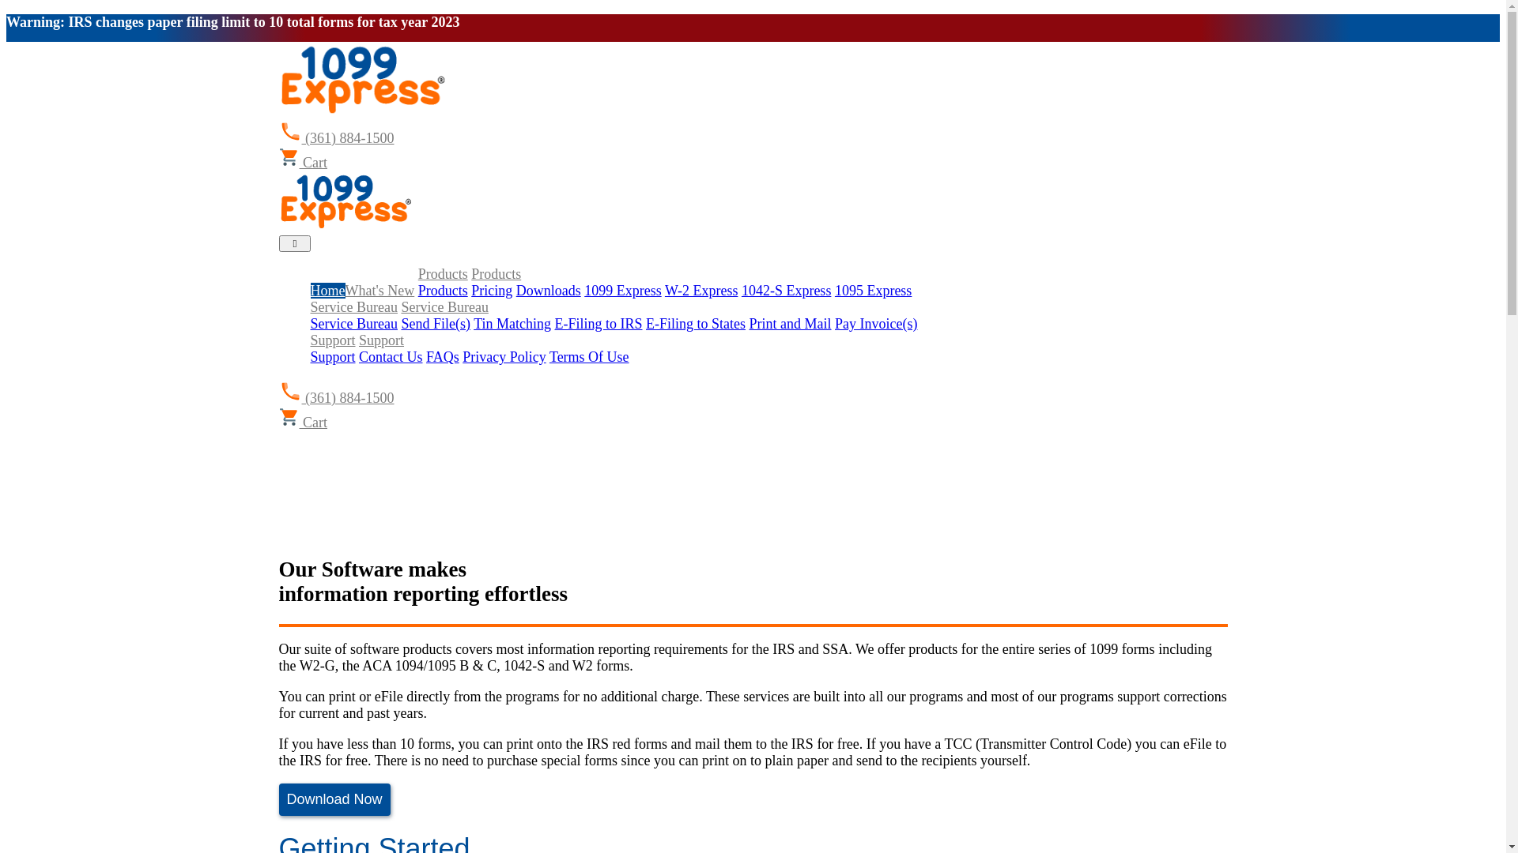 The image size is (1518, 853). Describe the element at coordinates (598, 322) in the screenshot. I see `'E-Filing to IRS'` at that location.